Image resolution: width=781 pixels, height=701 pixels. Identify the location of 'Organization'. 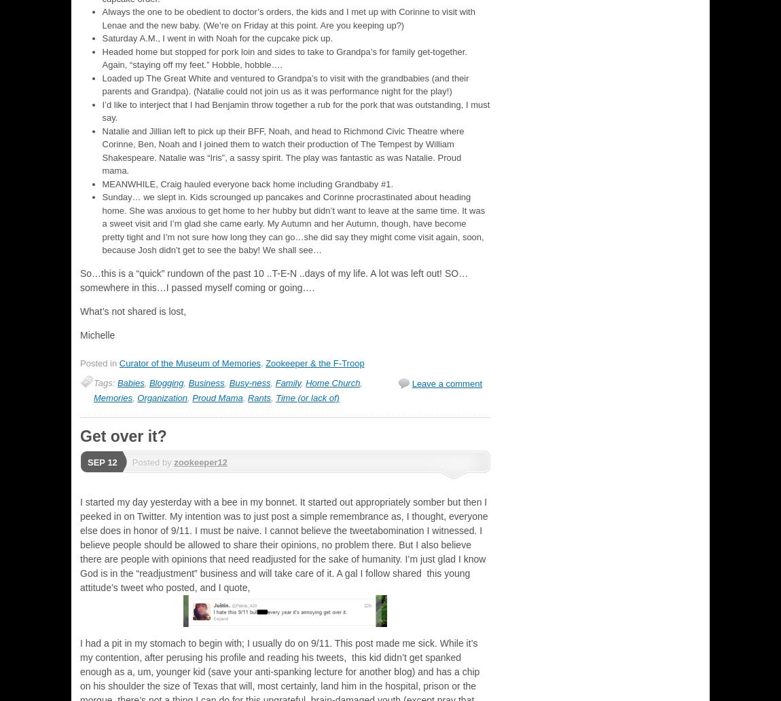
(137, 396).